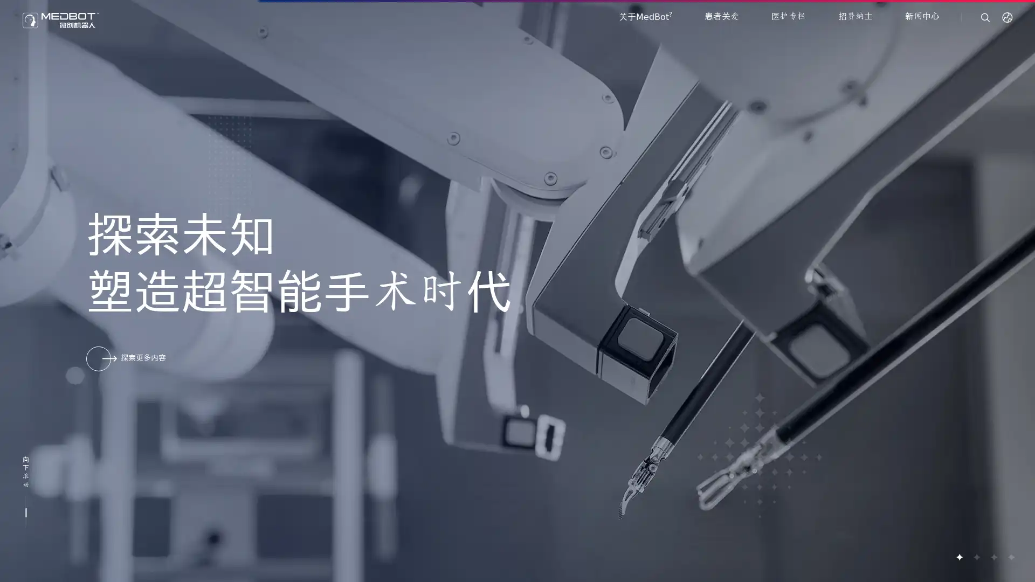  Describe the element at coordinates (976, 557) in the screenshot. I see `Go to slide 2` at that location.